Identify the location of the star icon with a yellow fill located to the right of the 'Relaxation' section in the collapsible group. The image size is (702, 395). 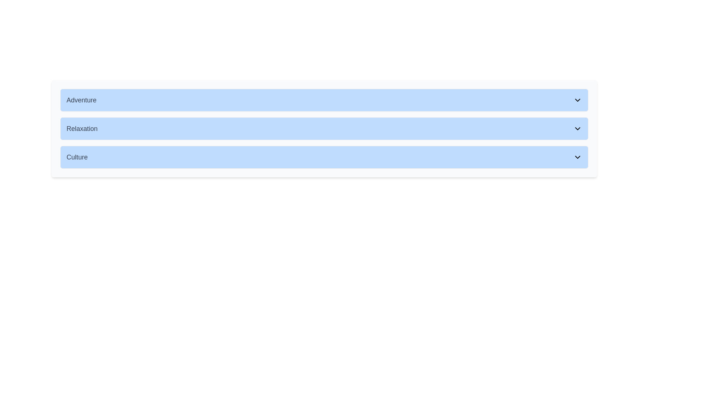
(582, 126).